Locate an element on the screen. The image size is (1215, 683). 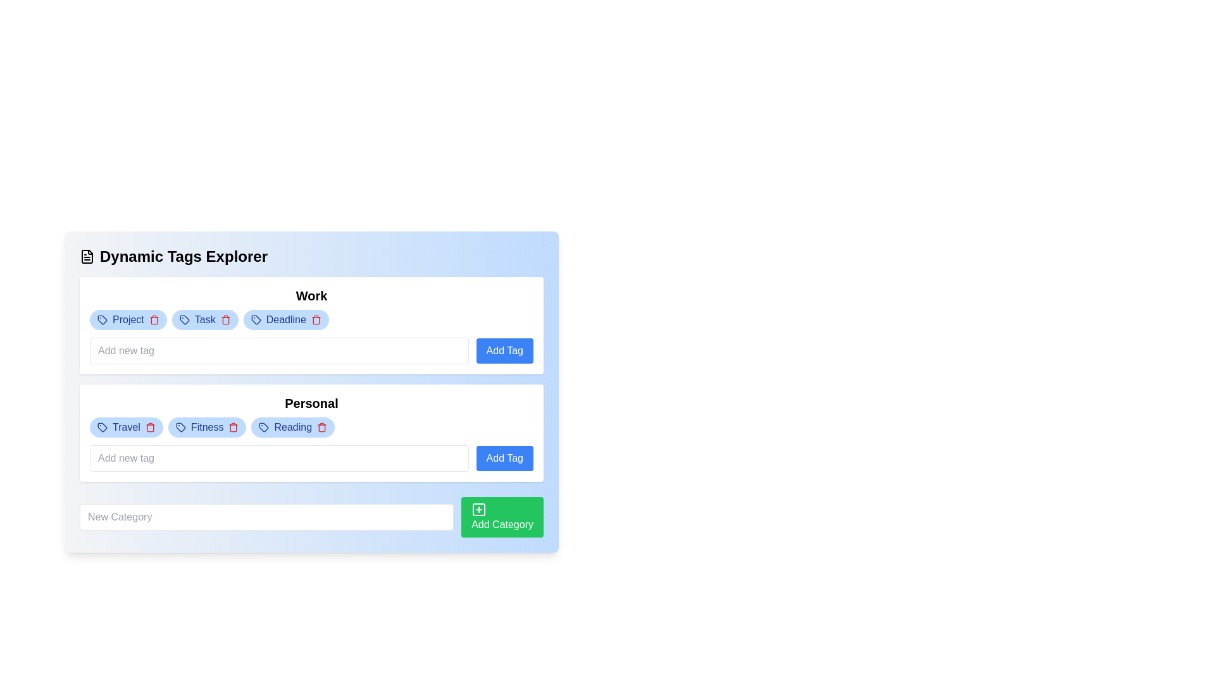
the tag icon located in the 'Work' section, adjacent to the 'Deadline' tag, which visually represents a tag for identifying or grouping related data is located at coordinates (255, 319).